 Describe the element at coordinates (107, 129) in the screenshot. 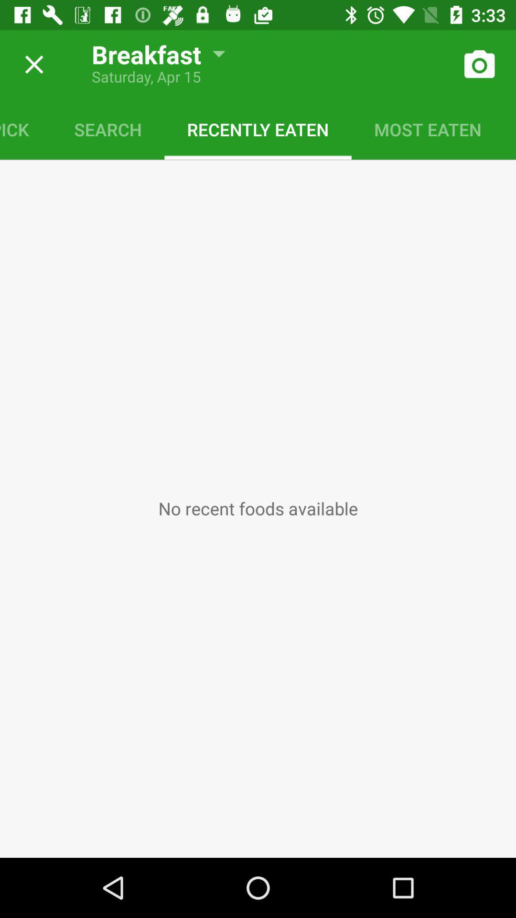

I see `the search icon` at that location.